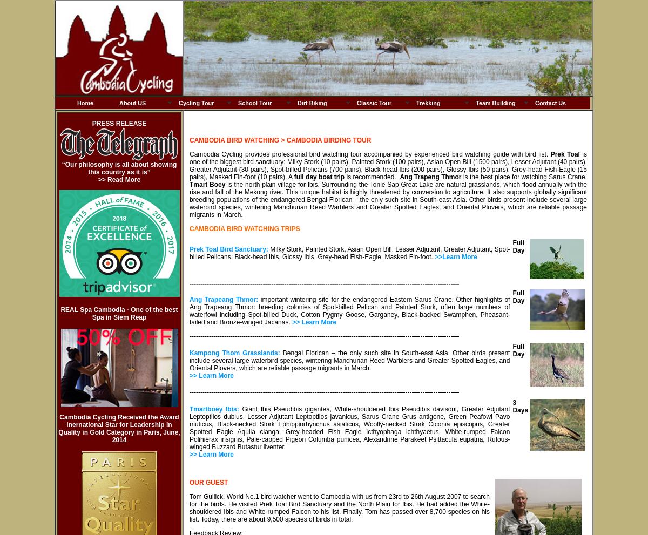 This screenshot has height=535, width=648. Describe the element at coordinates (118, 167) in the screenshot. I see `'“Our philosophy is all about showing this country as it is”'` at that location.